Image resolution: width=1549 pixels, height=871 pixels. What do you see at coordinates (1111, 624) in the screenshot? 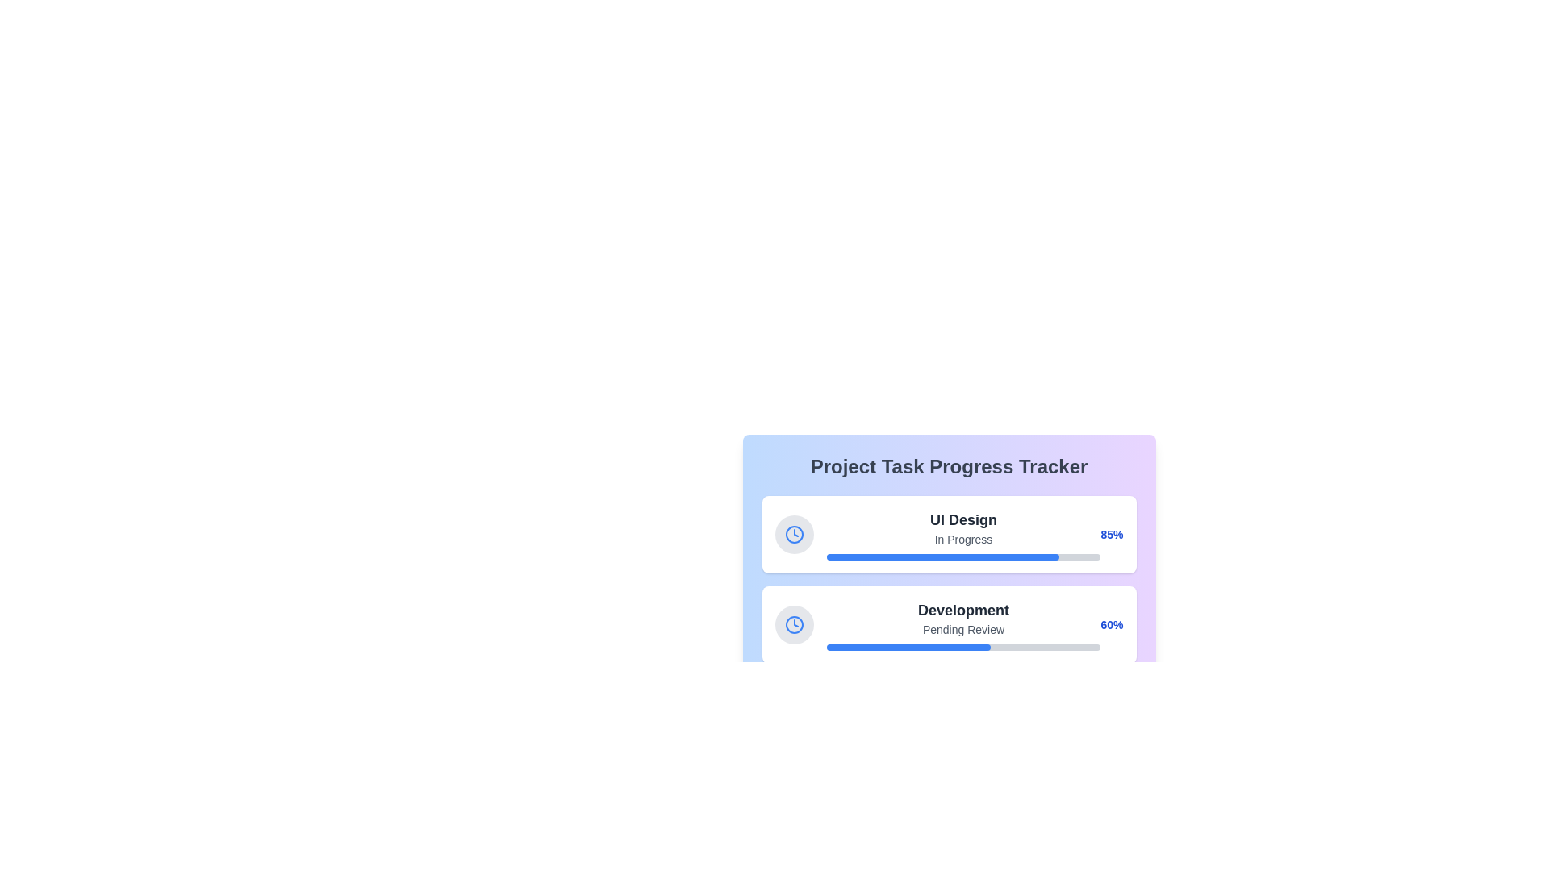
I see `the completion percentage label for the 'Development' task in the 'Project Task Progress Tracker' interface, located at the right-end corner of the progress bar card` at bounding box center [1111, 624].